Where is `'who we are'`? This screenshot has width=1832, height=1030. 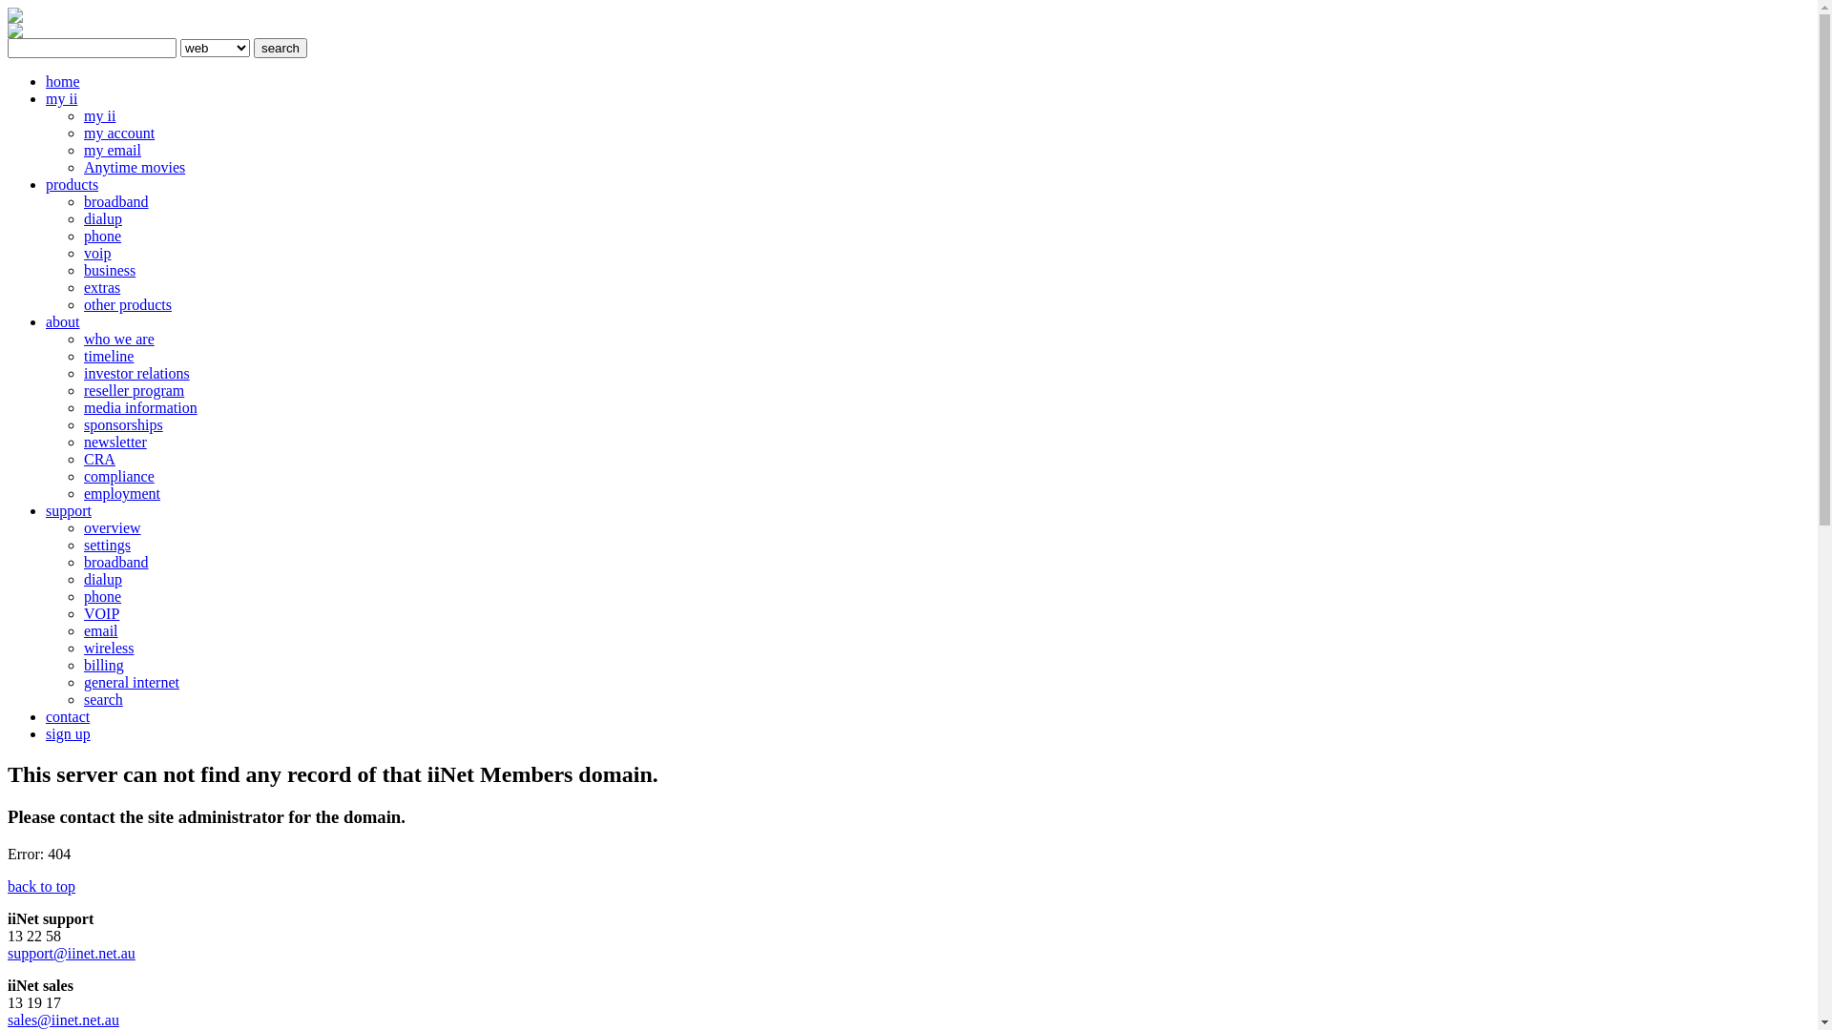
'who we are' is located at coordinates (82, 338).